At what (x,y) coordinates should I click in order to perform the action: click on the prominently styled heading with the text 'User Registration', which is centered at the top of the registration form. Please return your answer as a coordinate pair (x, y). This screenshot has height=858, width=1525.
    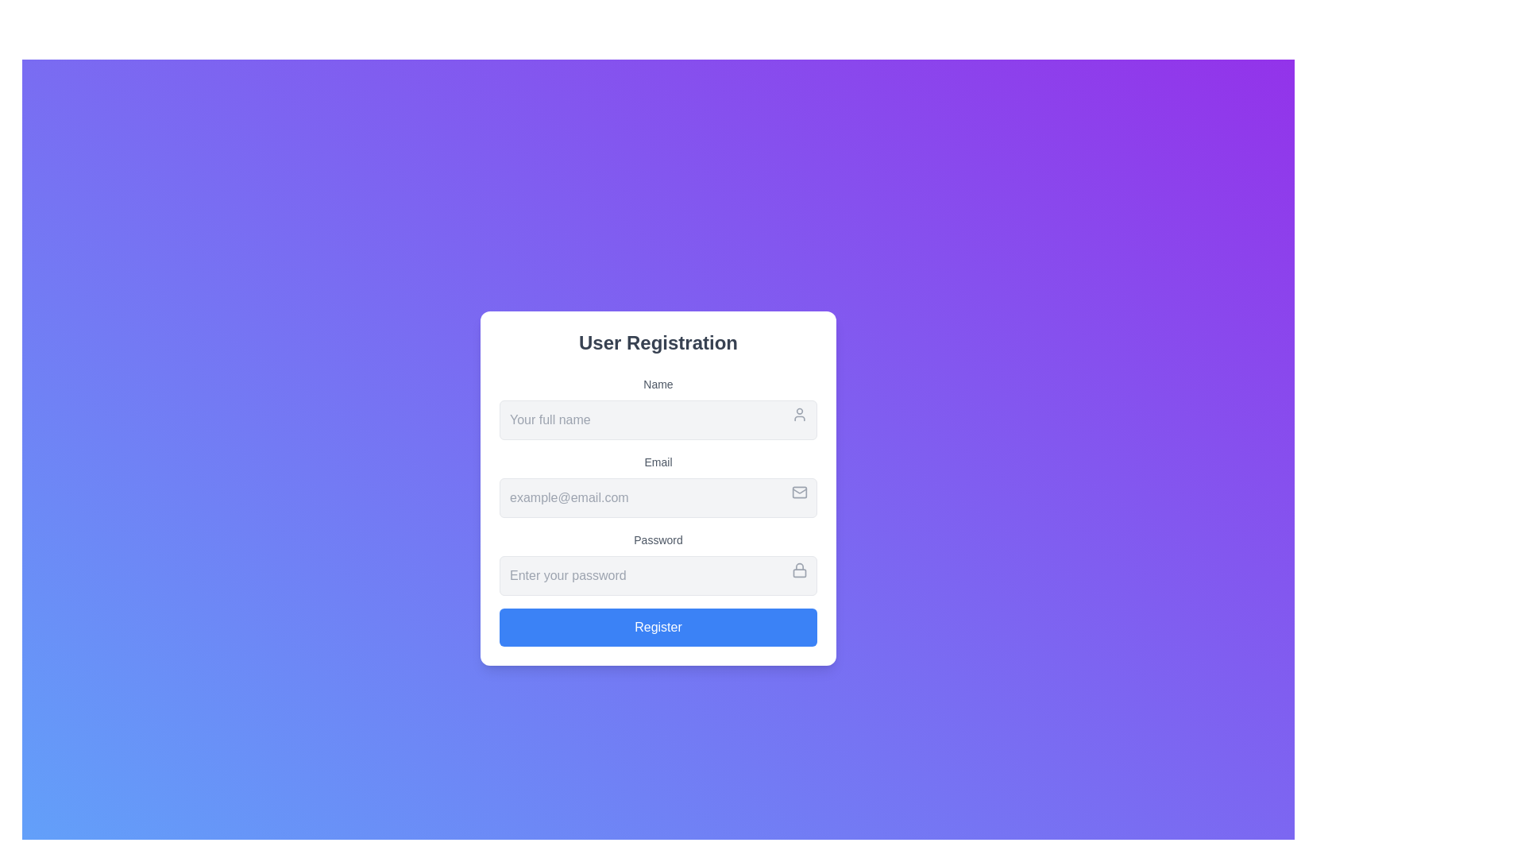
    Looking at the image, I should click on (658, 342).